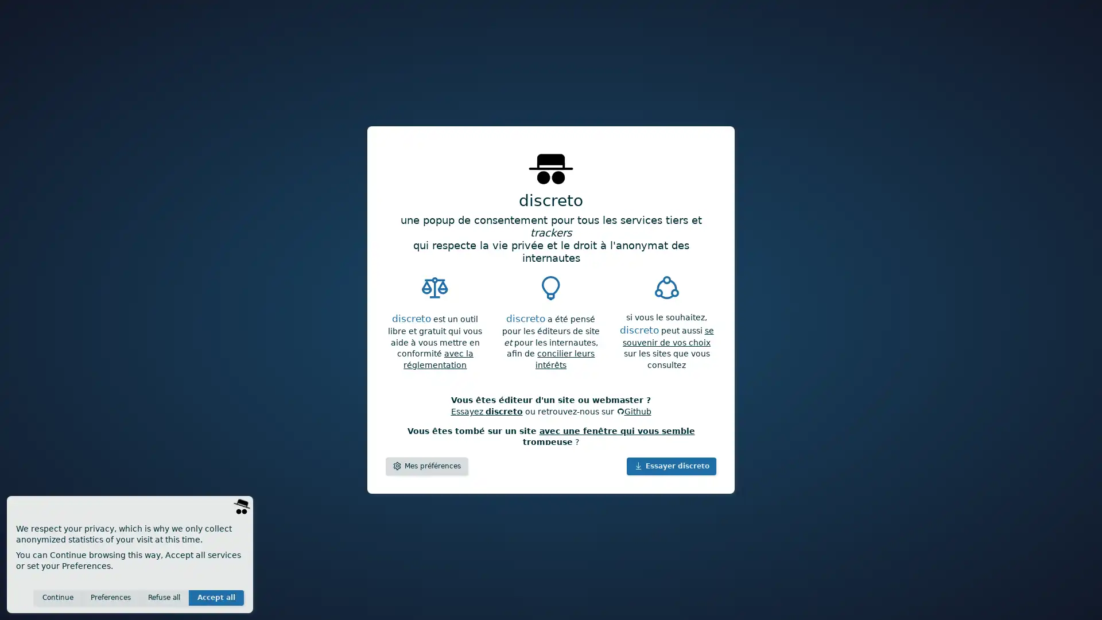  I want to click on Invisible, so click(185, 602).